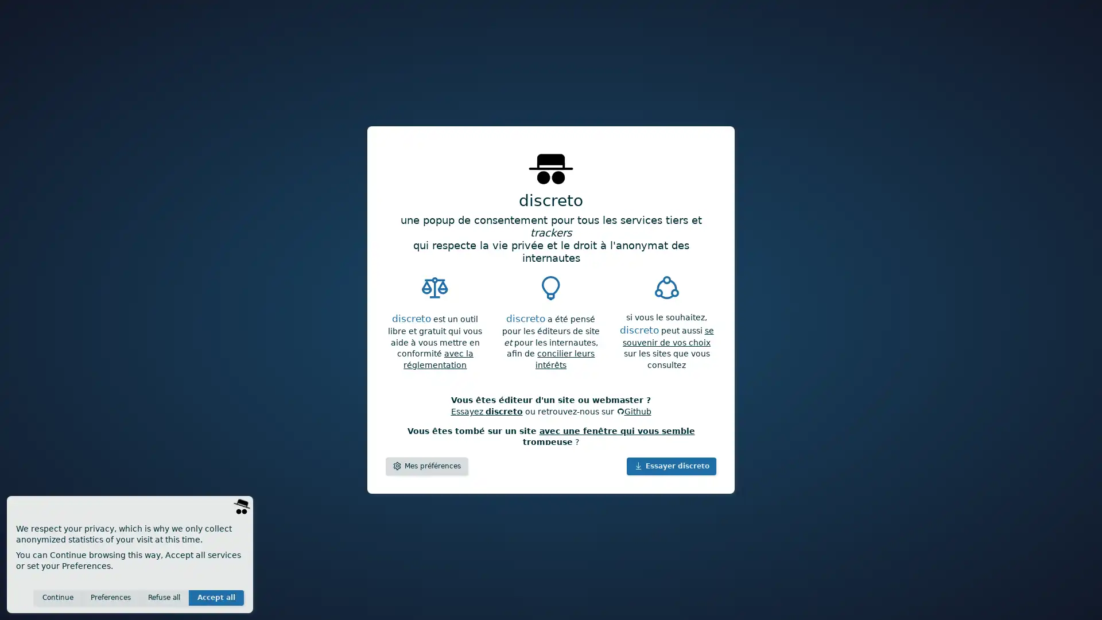  I want to click on Invisible, so click(185, 602).